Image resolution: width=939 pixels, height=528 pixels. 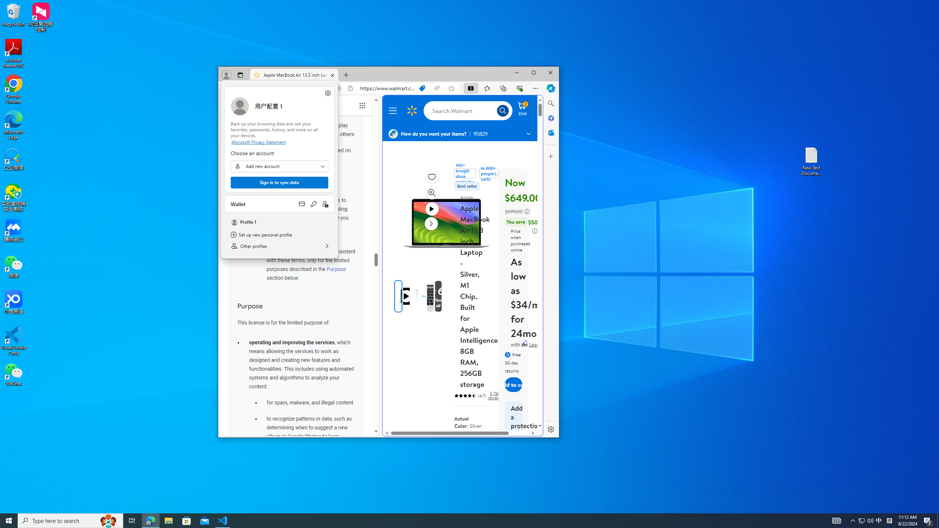 I want to click on 'Cart contains 2 items Total Amount $7.45', so click(x=522, y=108).